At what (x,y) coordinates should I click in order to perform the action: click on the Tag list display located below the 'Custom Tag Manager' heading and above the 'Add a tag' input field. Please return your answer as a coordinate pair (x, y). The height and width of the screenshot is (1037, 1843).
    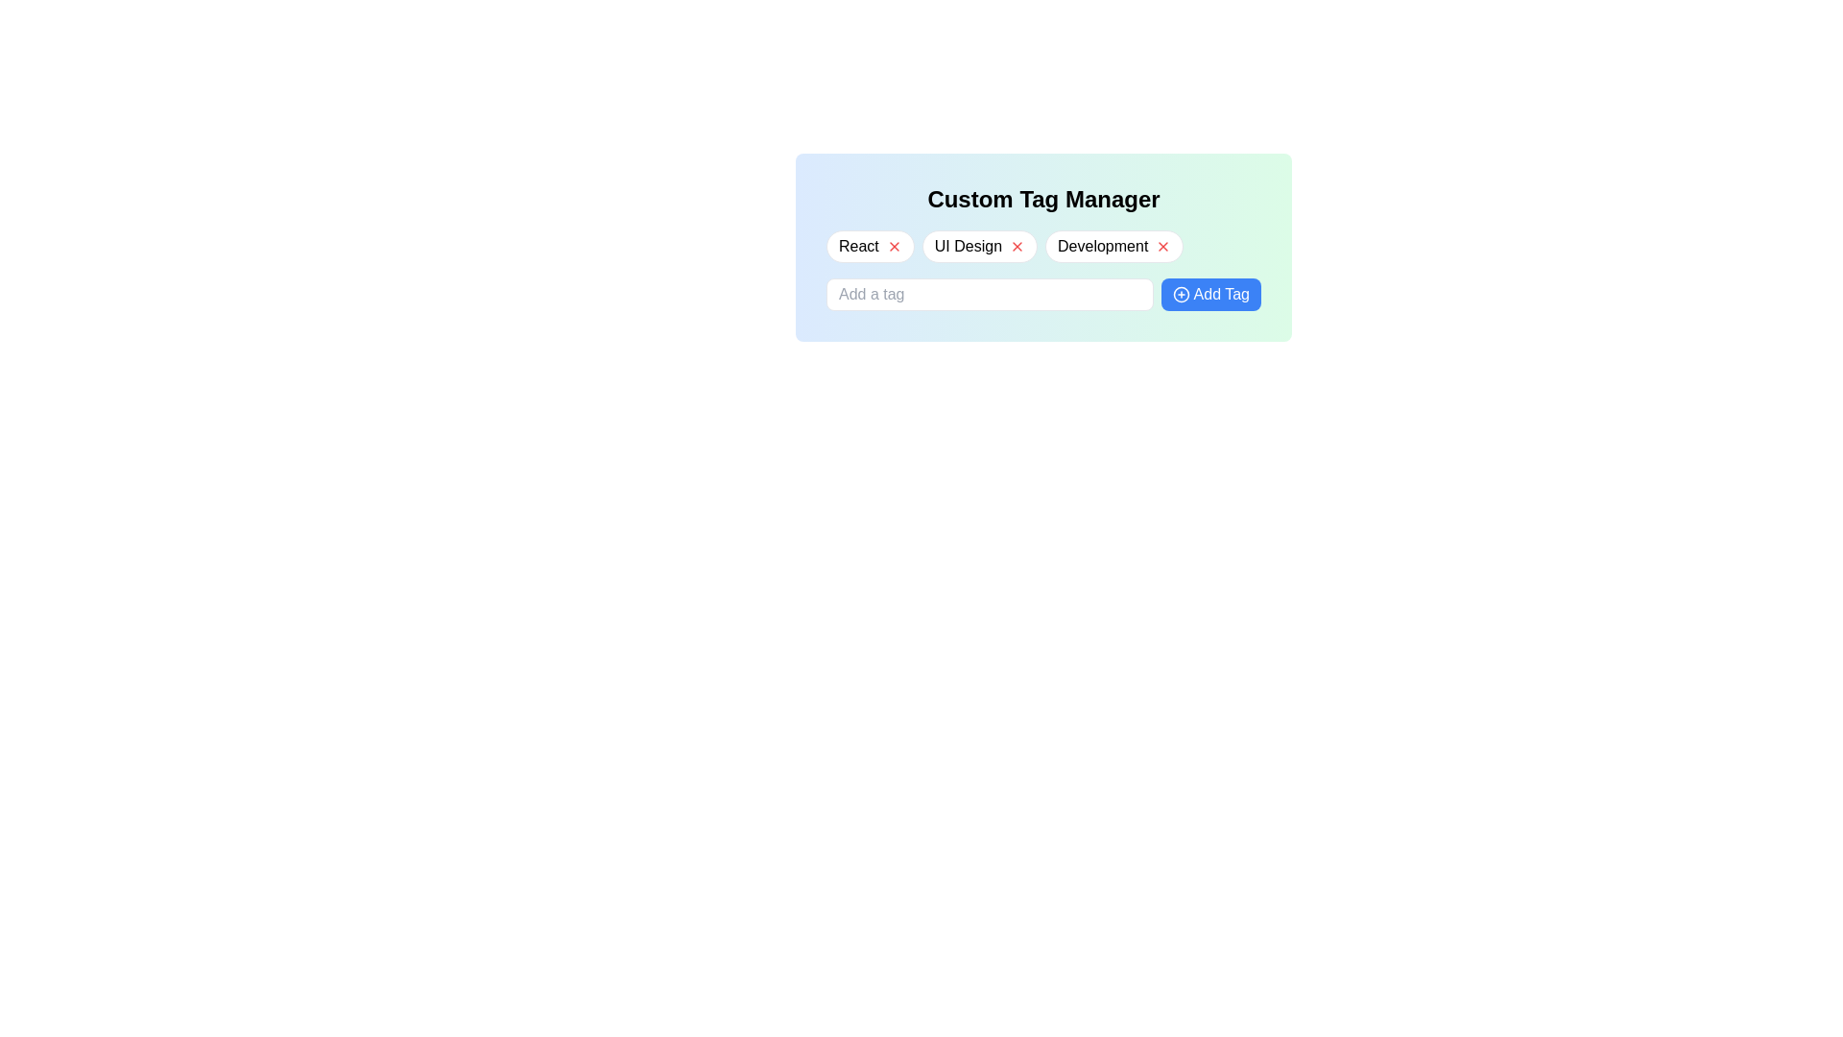
    Looking at the image, I should click on (1042, 246).